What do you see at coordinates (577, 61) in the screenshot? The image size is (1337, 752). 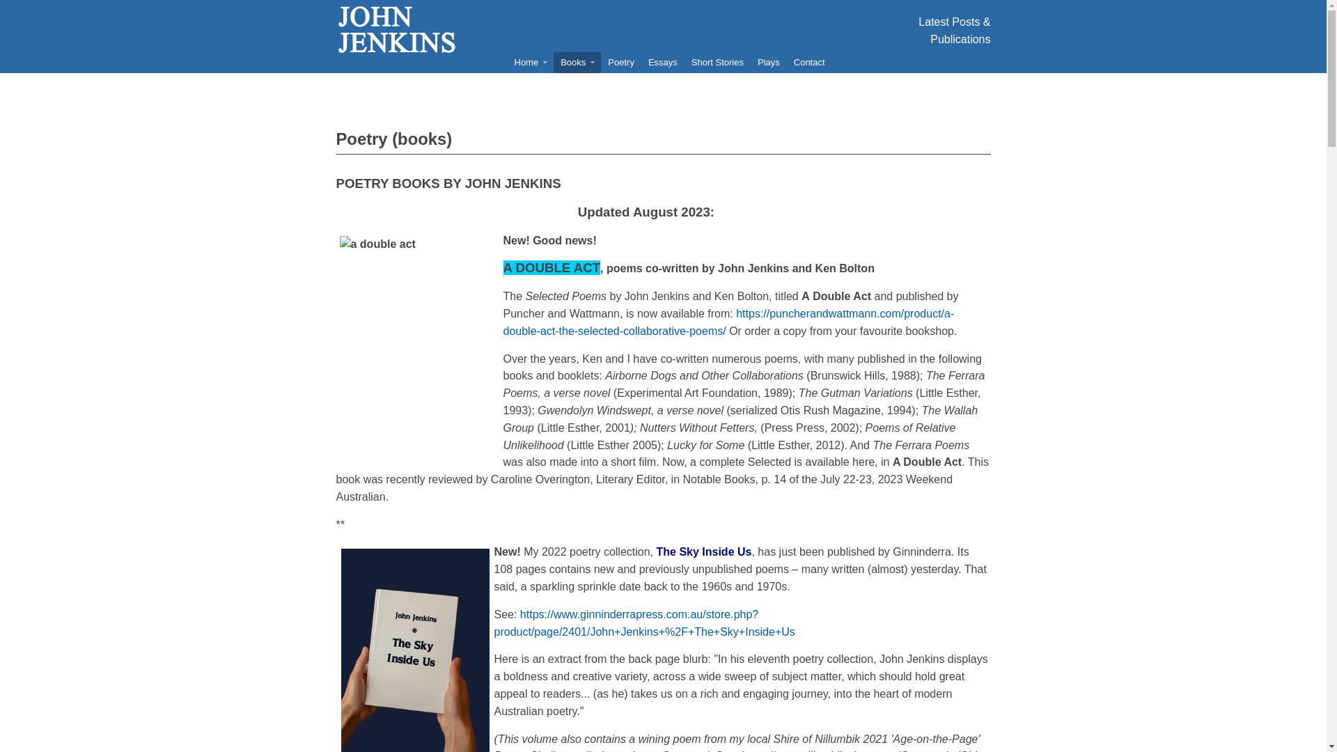 I see `'Books'` at bounding box center [577, 61].